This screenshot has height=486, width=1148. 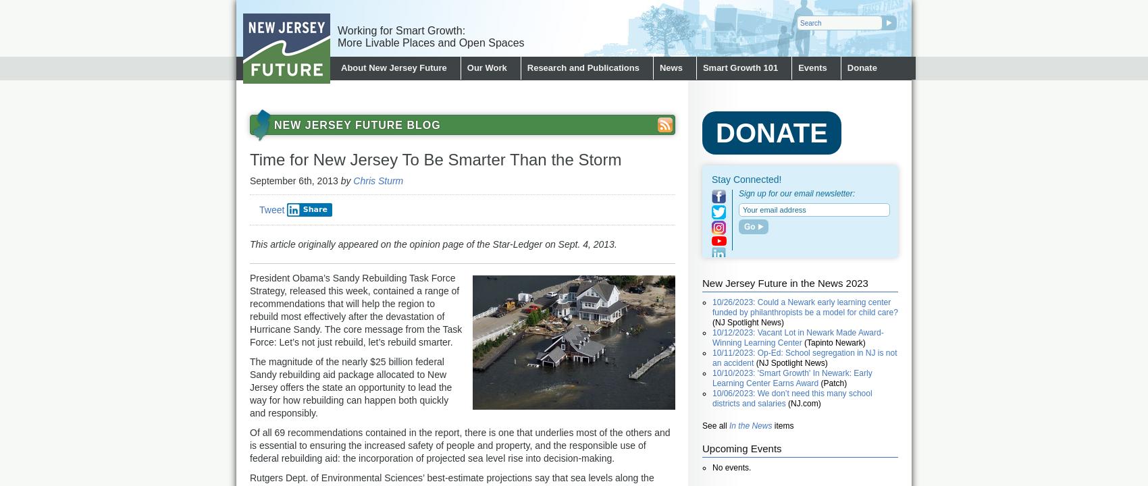 I want to click on 'The magnitude of the nearly $25 billion federal Sandy rebuilding aid package allocated to New Jersey offers the state an opportunity to lead the way for how rebuilding can happen both quickly and responsibly.', so click(x=350, y=387).